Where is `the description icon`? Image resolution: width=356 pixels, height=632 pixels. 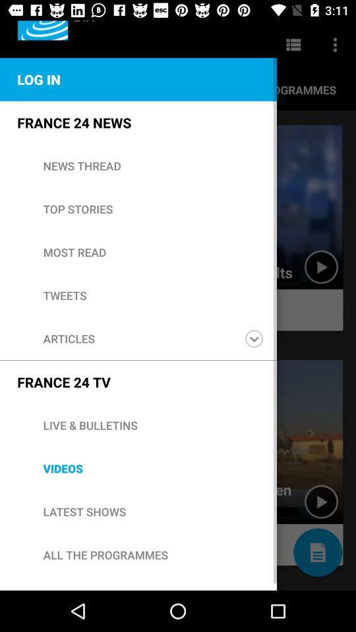
the description icon is located at coordinates (317, 552).